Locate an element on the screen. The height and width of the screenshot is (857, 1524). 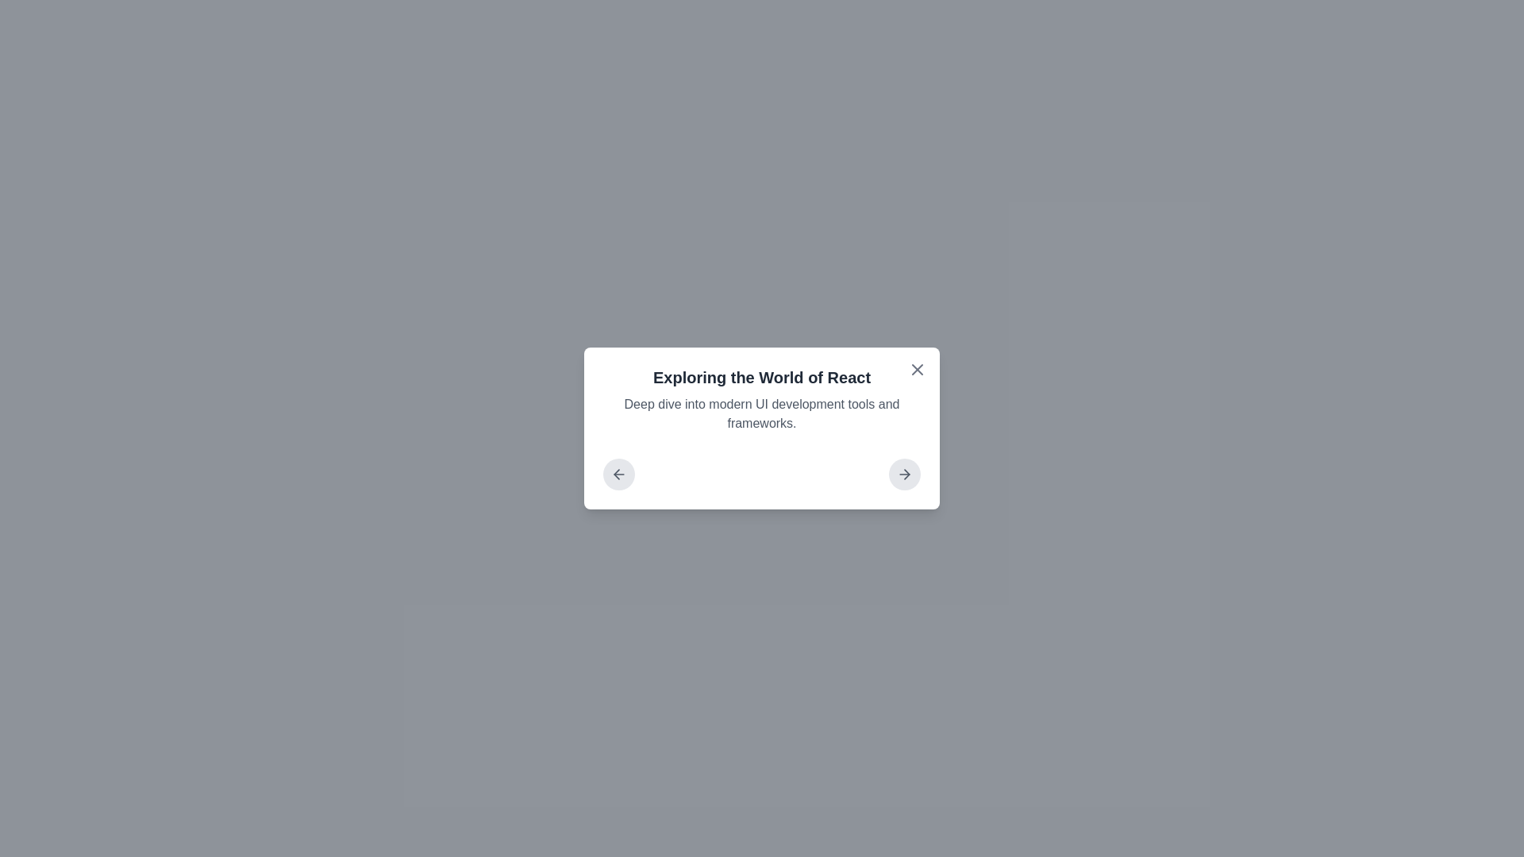
SVG icon located within the circular button in the bottom-right corner of the card interface, which serves as a navigation icon for moving to the next item or page is located at coordinates (906, 473).